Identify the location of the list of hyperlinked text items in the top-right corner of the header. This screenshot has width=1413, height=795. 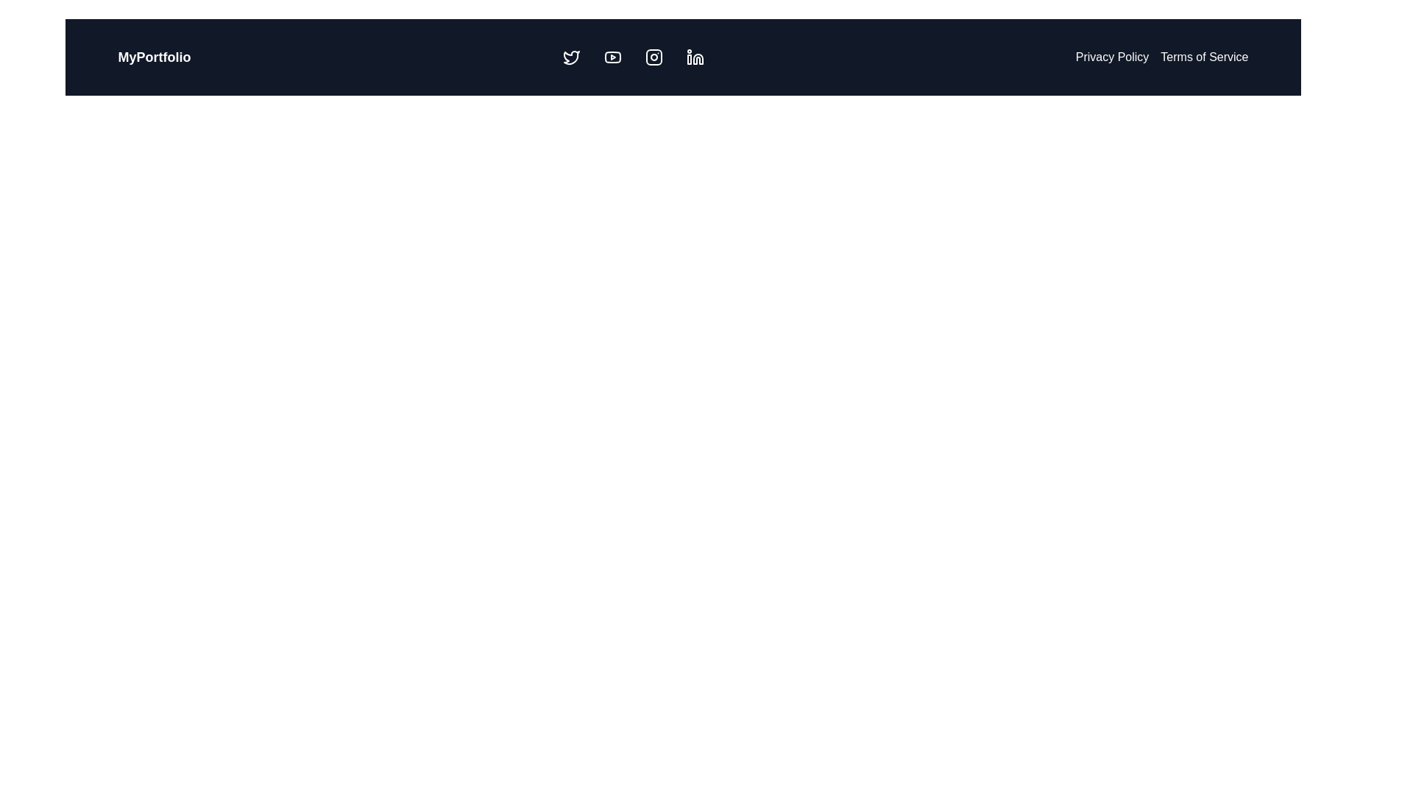
(1161, 56).